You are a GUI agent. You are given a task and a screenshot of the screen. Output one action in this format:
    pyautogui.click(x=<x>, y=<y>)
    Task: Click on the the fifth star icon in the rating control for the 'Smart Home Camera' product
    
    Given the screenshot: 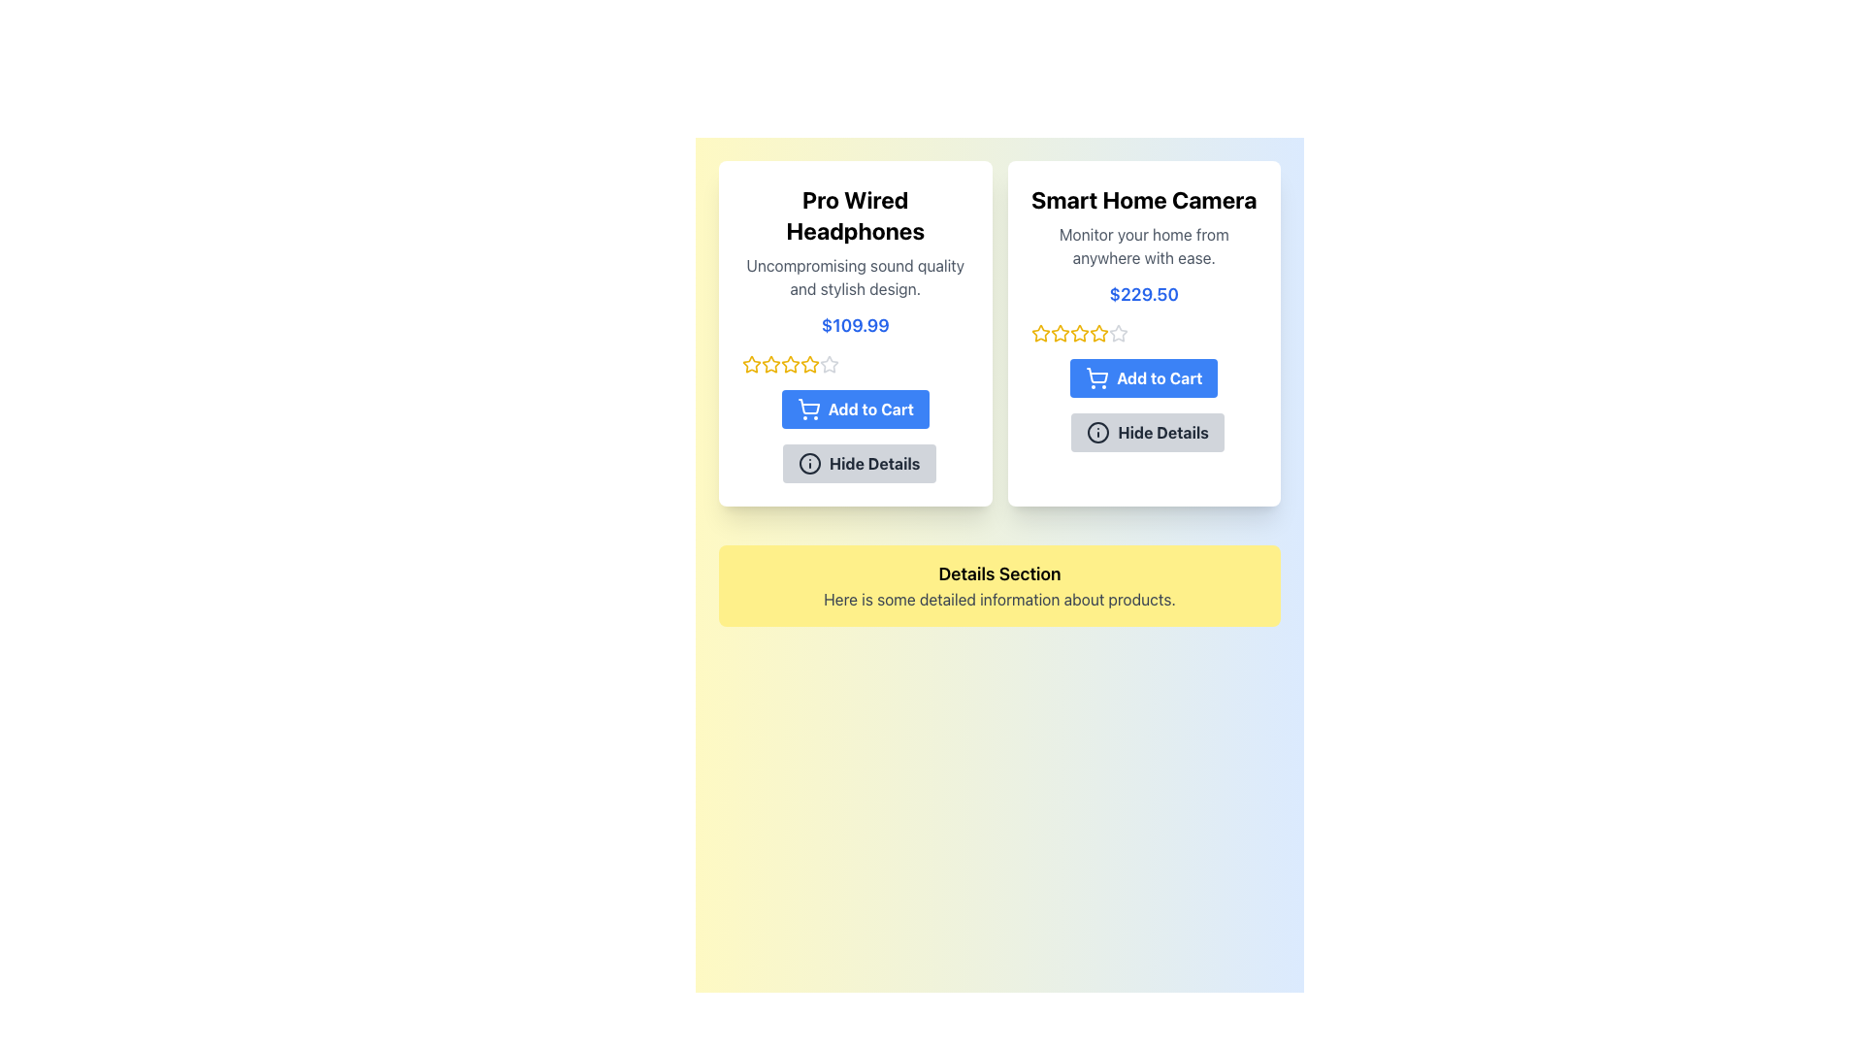 What is the action you would take?
    pyautogui.click(x=1098, y=332)
    